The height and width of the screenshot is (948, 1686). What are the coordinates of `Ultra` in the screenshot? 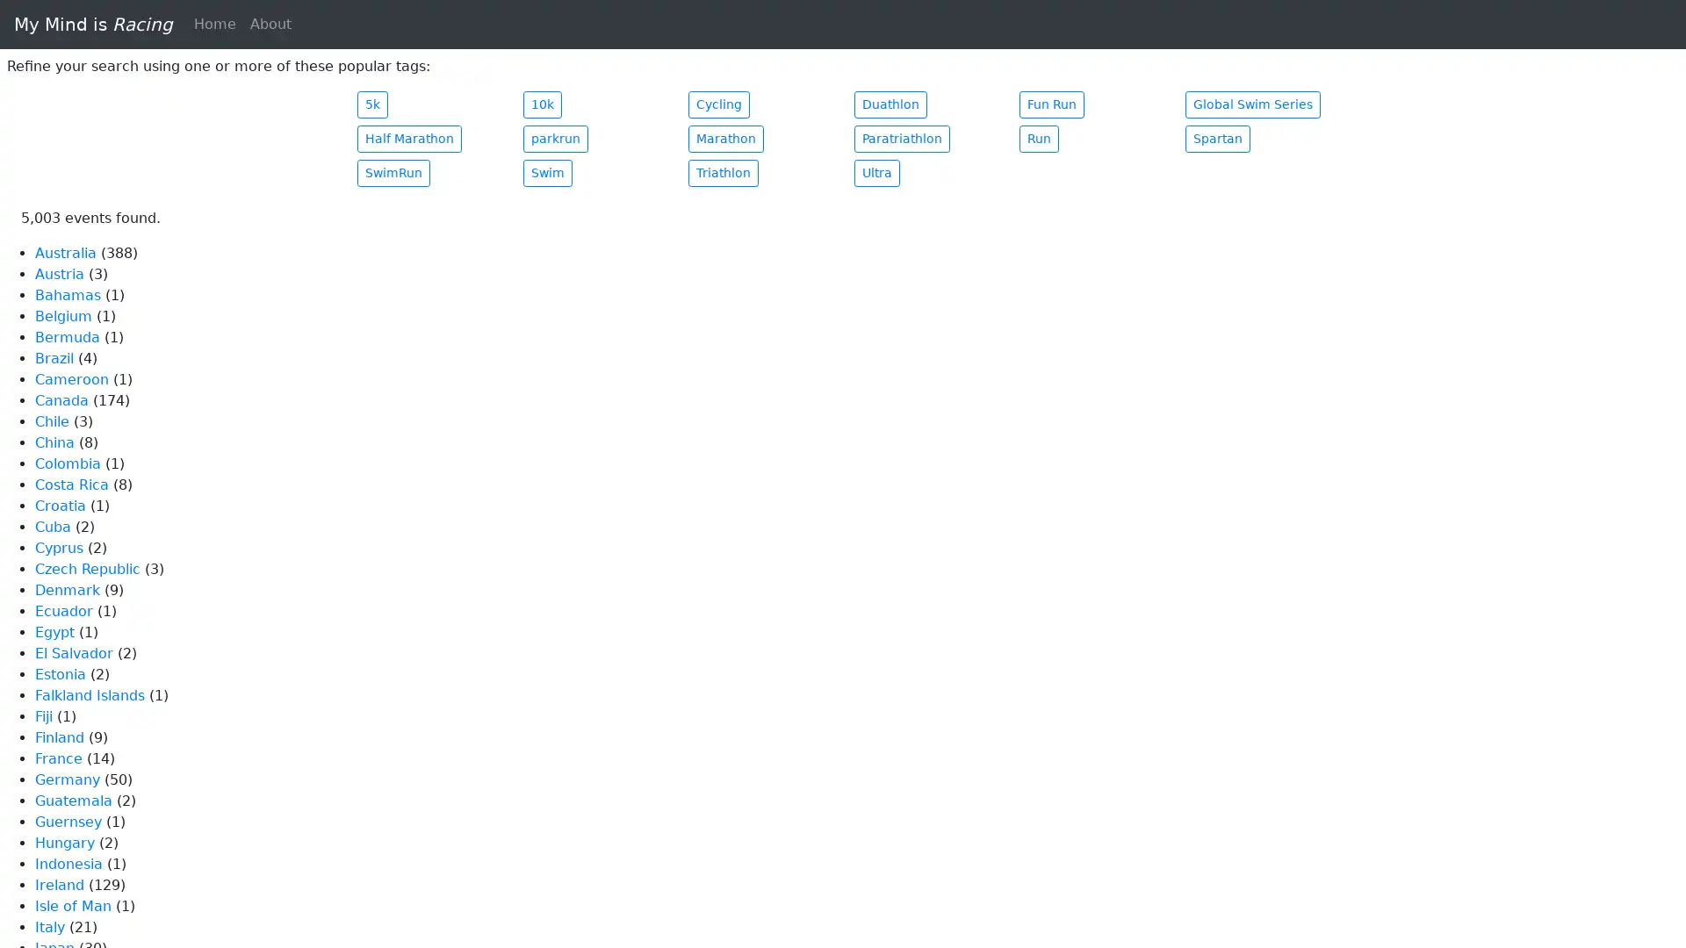 It's located at (876, 173).